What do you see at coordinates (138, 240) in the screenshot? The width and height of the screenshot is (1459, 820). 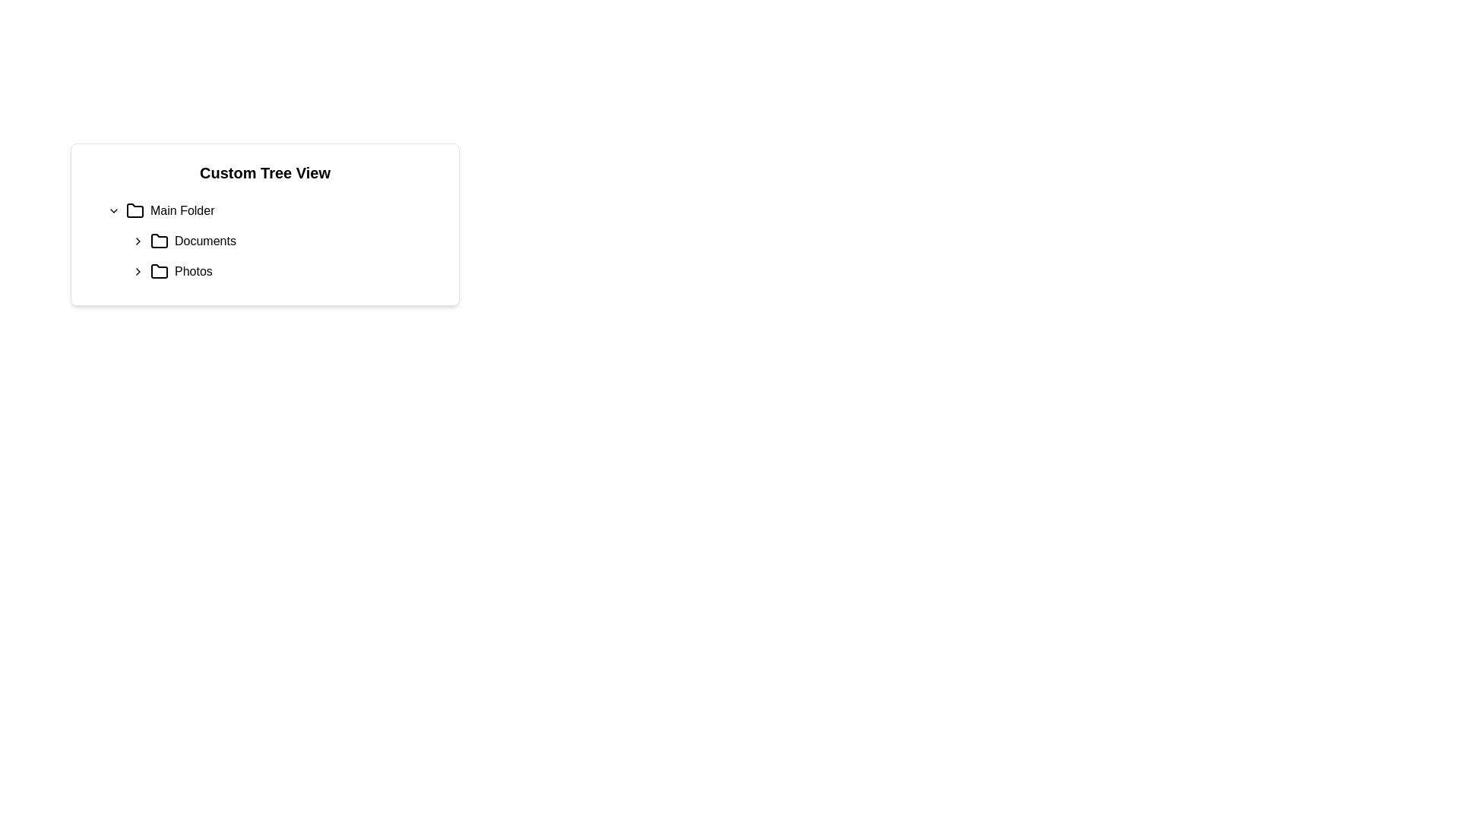 I see `the small right-pointing chevron icon located to the left of the word 'Documents'` at bounding box center [138, 240].